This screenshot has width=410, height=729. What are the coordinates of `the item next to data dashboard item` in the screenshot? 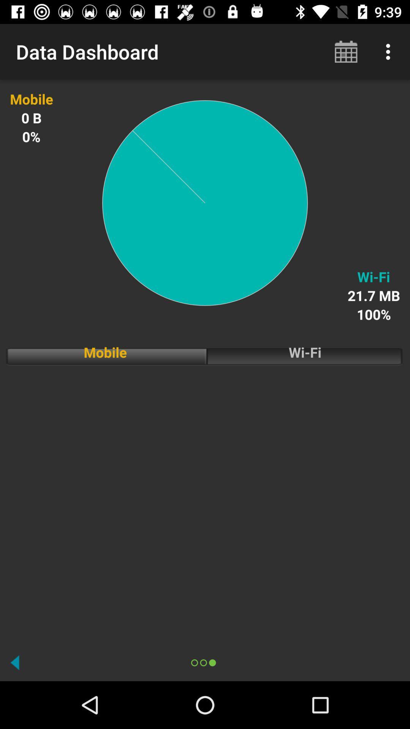 It's located at (346, 51).